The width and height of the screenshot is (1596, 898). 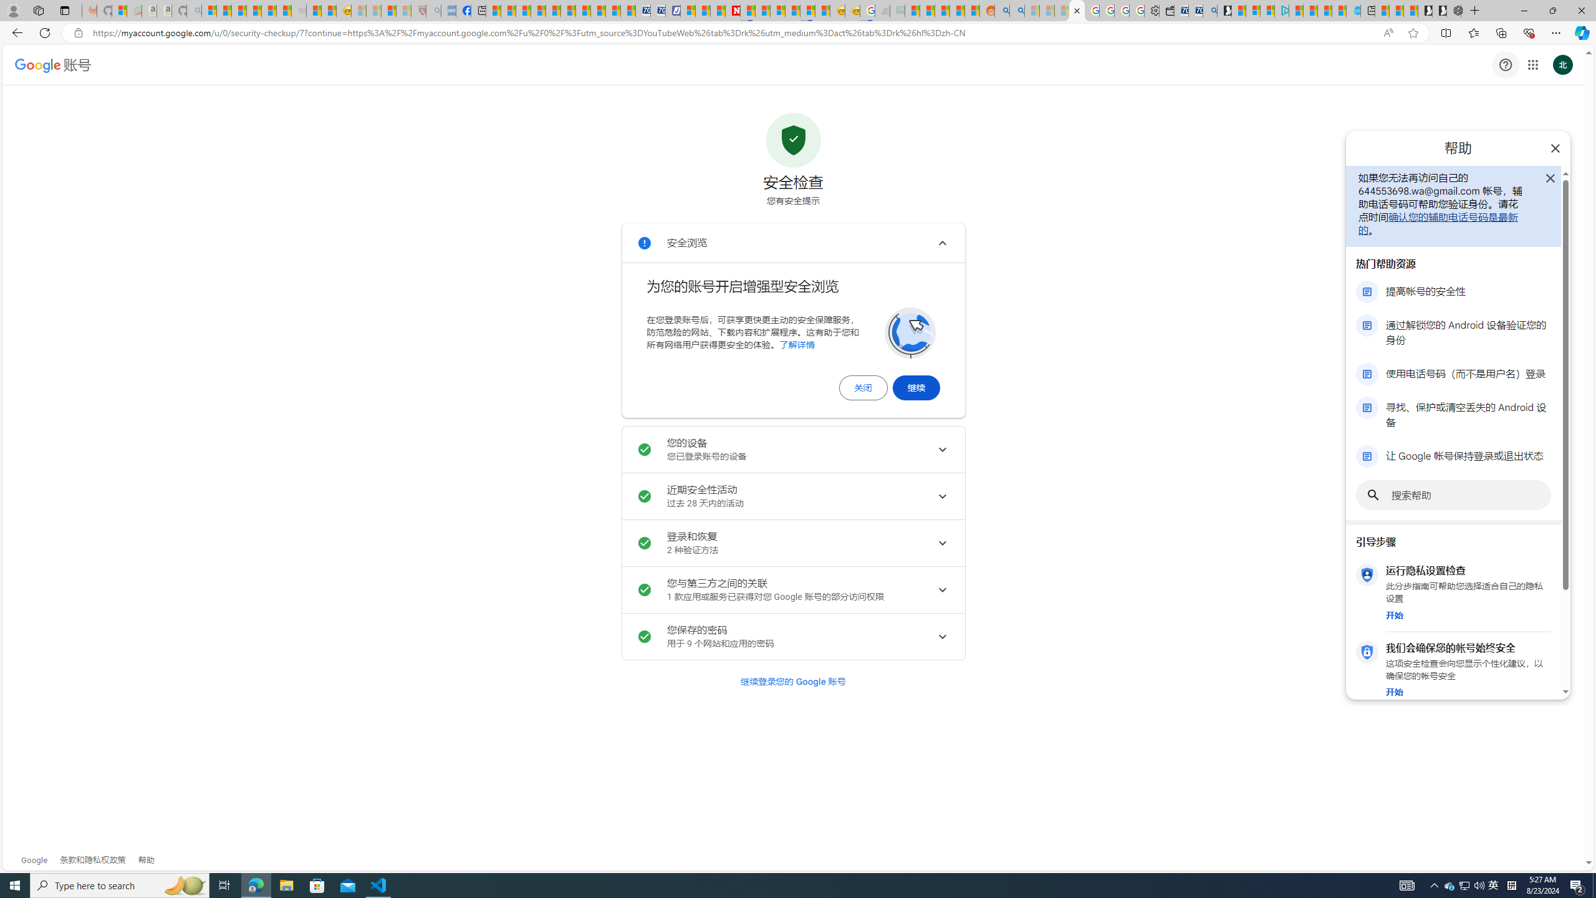 I want to click on 'Student Loan Update: Forgiveness Program Ends This Month', so click(x=958, y=10).